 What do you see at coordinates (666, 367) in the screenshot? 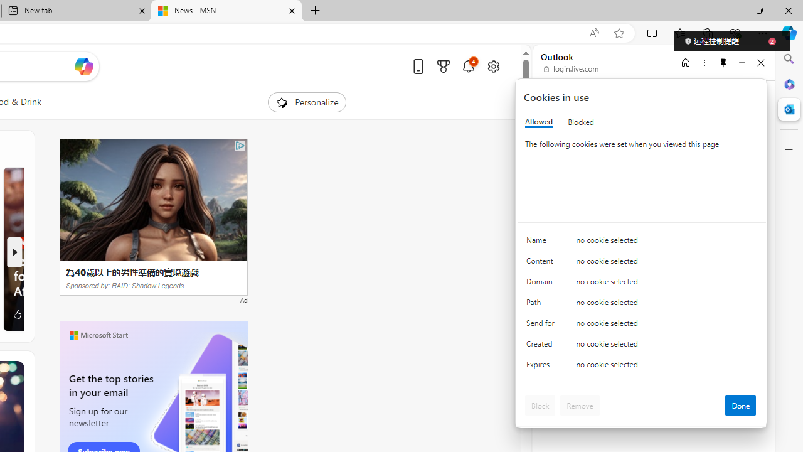
I see `'no cookie selected'` at bounding box center [666, 367].